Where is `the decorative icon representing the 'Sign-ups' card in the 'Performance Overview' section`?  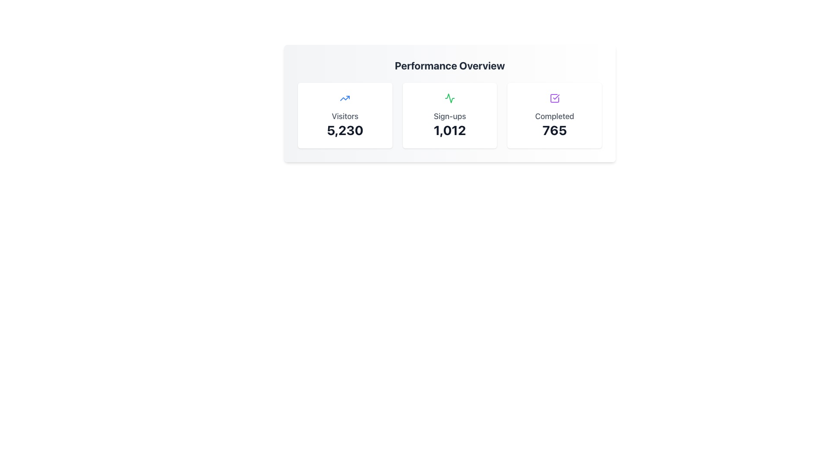
the decorative icon representing the 'Sign-ups' card in the 'Performance Overview' section is located at coordinates (449, 98).